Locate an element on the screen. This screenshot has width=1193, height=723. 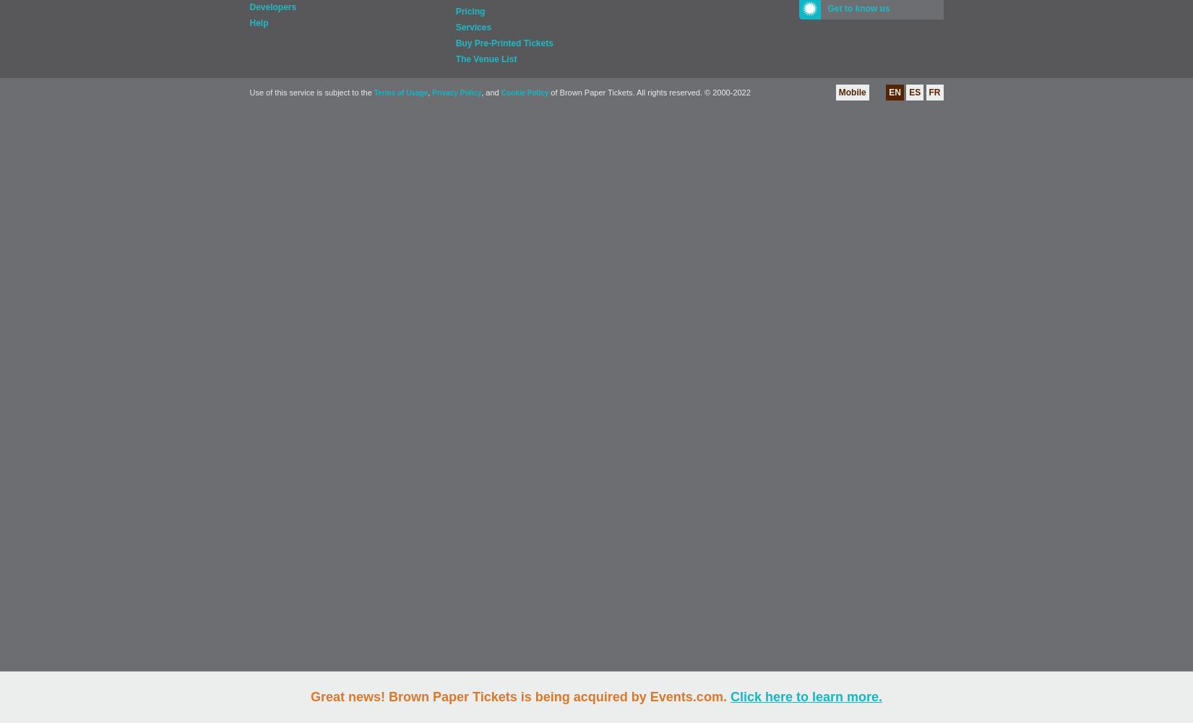
'Get to know us' is located at coordinates (826, 9).